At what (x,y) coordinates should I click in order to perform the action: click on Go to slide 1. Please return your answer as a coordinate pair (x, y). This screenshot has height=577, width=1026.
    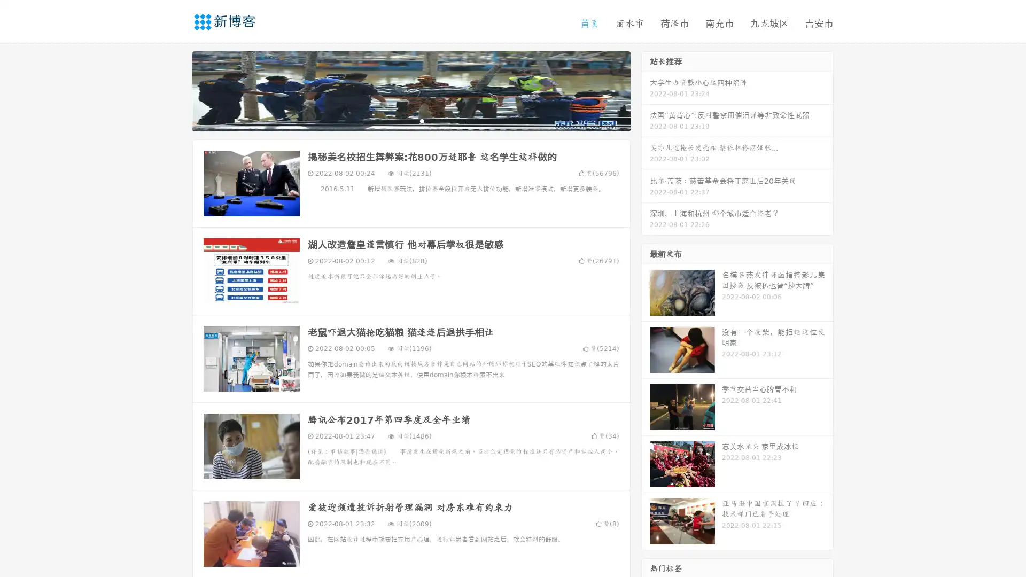
    Looking at the image, I should click on (400, 120).